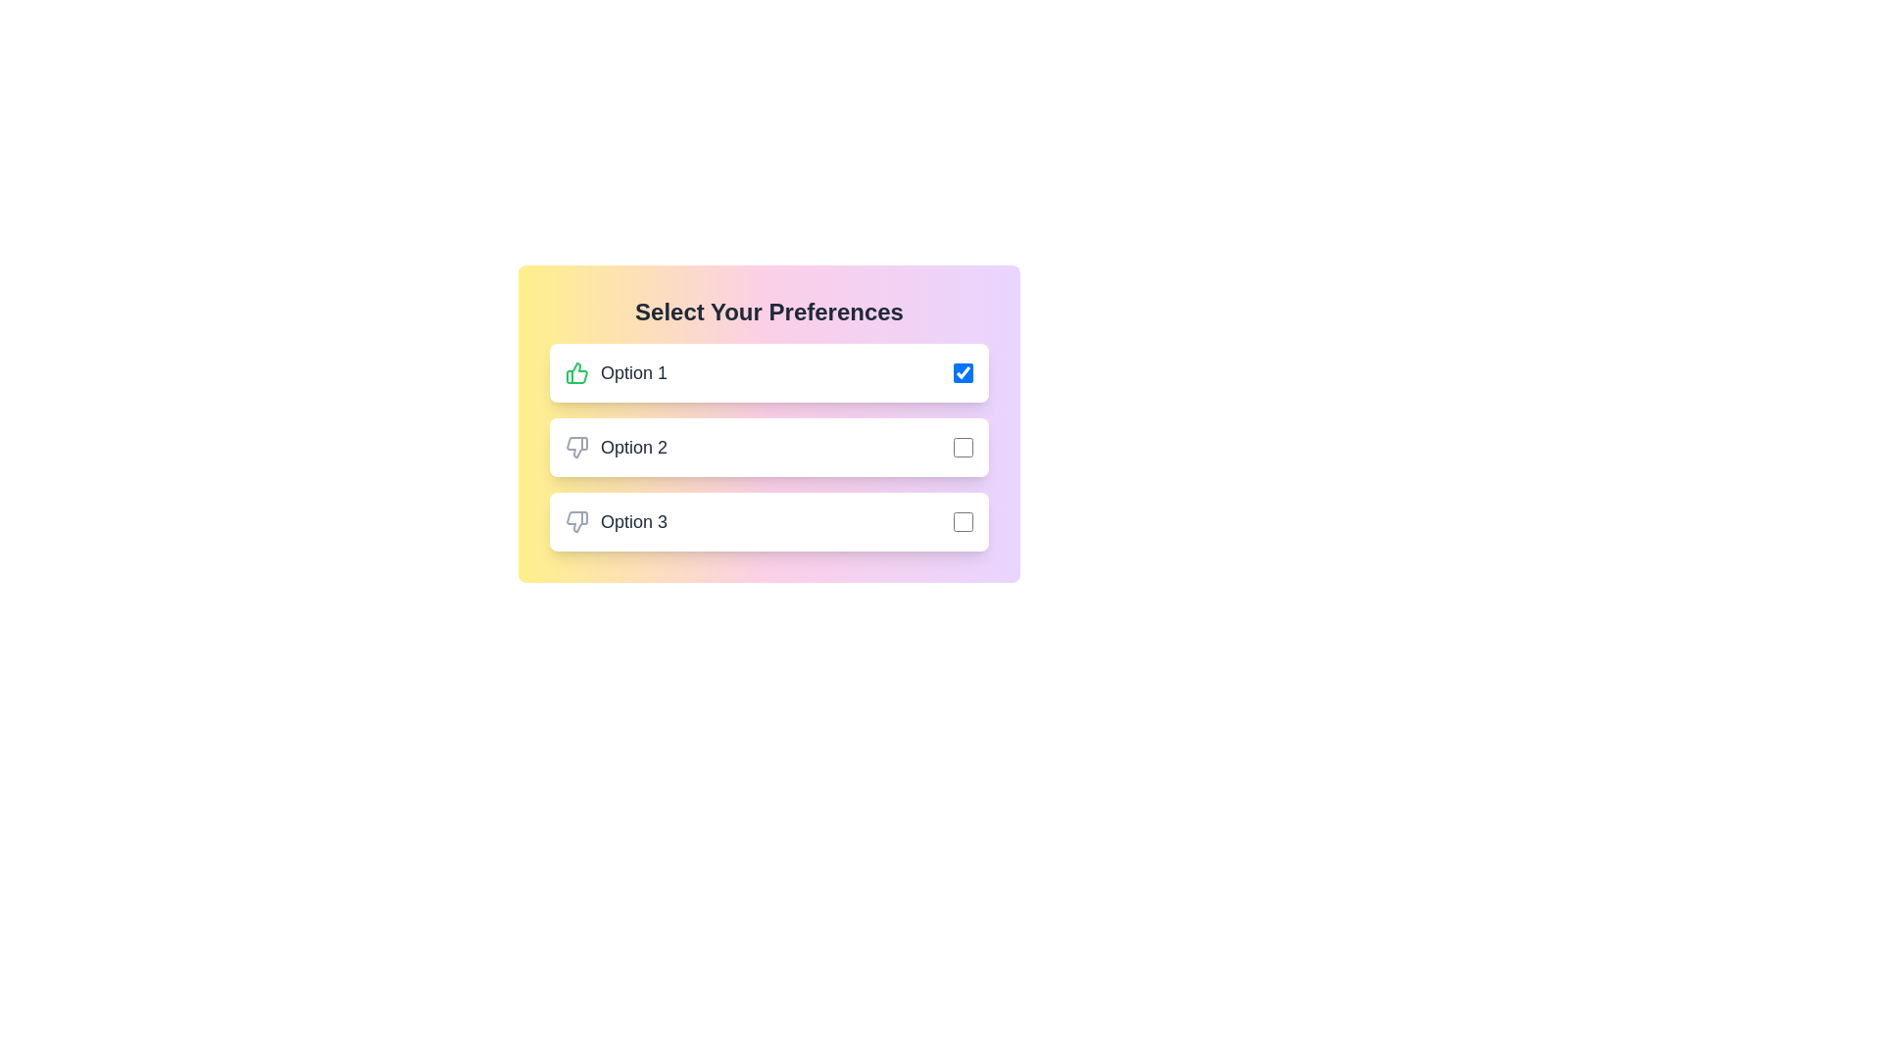  What do you see at coordinates (615, 447) in the screenshot?
I see `the 'Option 2' label with a thumbs-down icon, which is the second option in a vertical list on the card` at bounding box center [615, 447].